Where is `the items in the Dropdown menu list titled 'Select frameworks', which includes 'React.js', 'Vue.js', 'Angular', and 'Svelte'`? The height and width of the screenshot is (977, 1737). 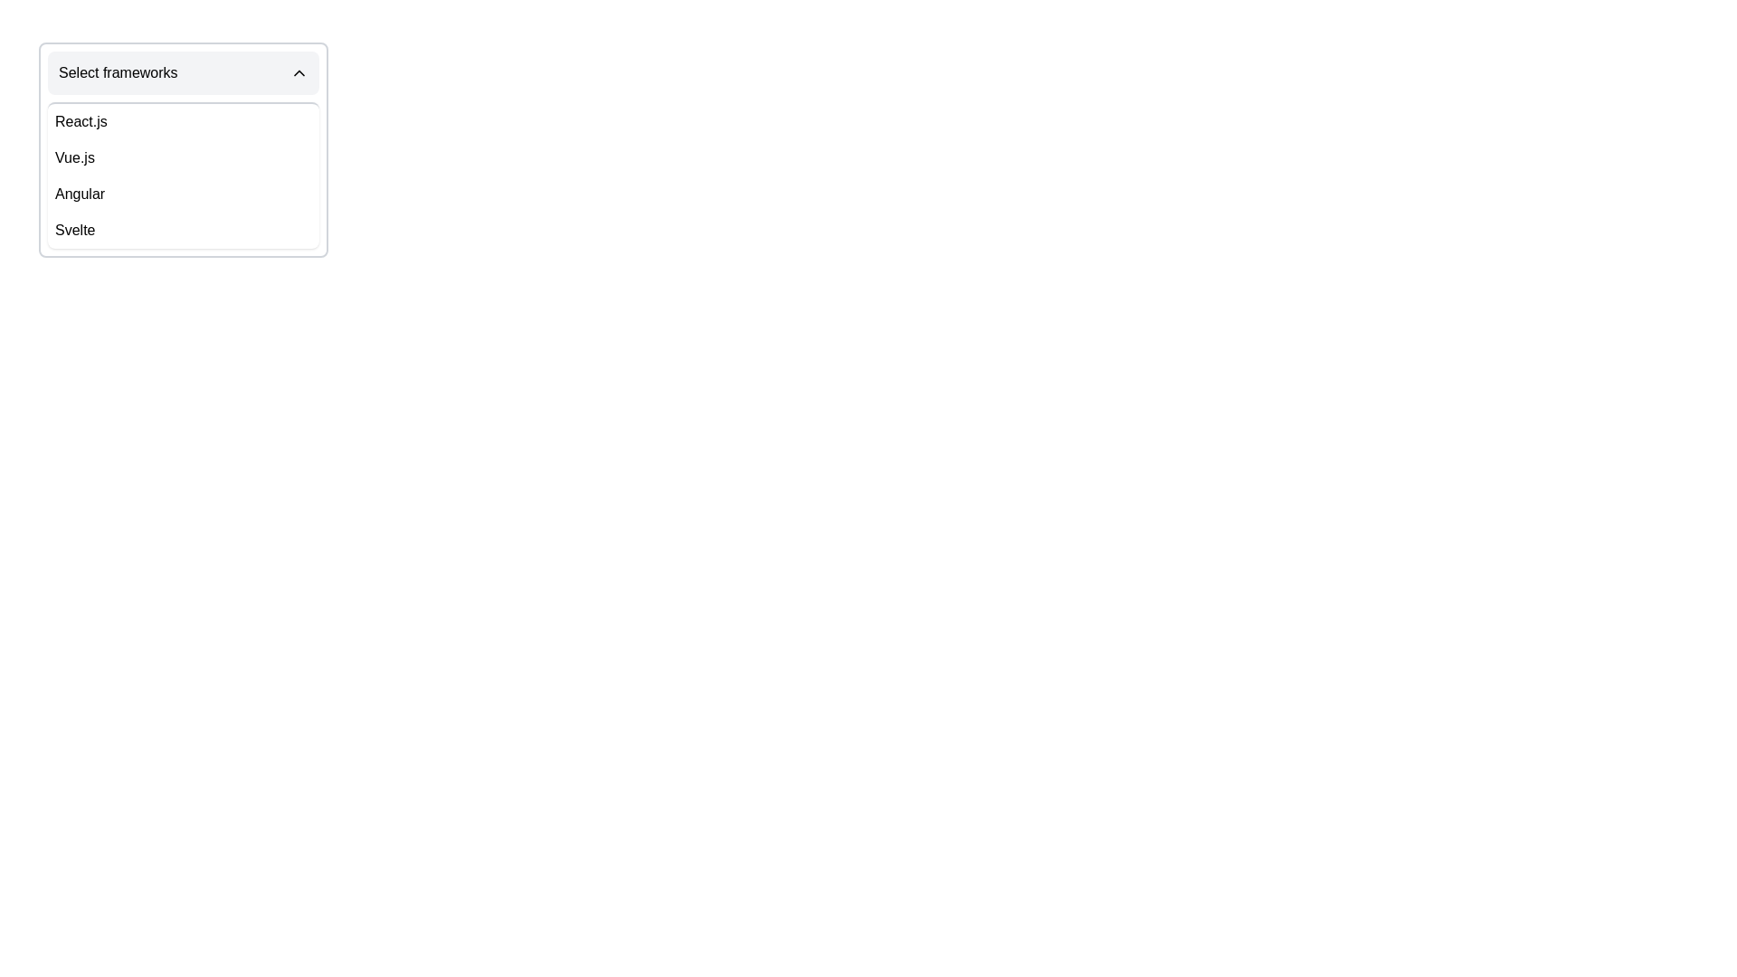 the items in the Dropdown menu list titled 'Select frameworks', which includes 'React.js', 'Vue.js', 'Angular', and 'Svelte' is located at coordinates (183, 175).